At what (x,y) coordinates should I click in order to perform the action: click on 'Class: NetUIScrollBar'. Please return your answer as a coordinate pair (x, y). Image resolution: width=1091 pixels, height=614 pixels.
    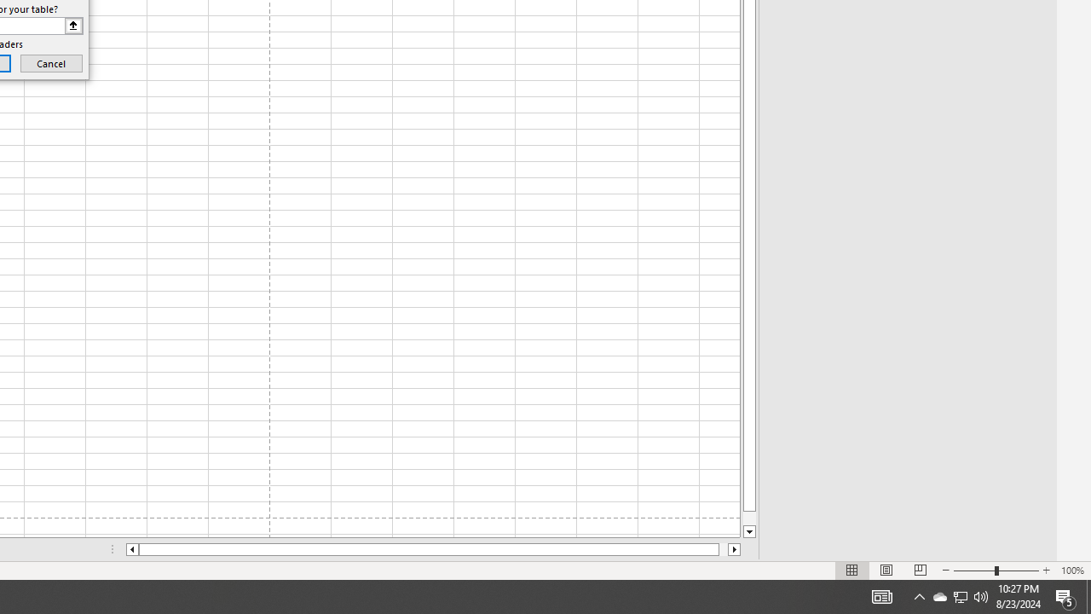
    Looking at the image, I should click on (433, 549).